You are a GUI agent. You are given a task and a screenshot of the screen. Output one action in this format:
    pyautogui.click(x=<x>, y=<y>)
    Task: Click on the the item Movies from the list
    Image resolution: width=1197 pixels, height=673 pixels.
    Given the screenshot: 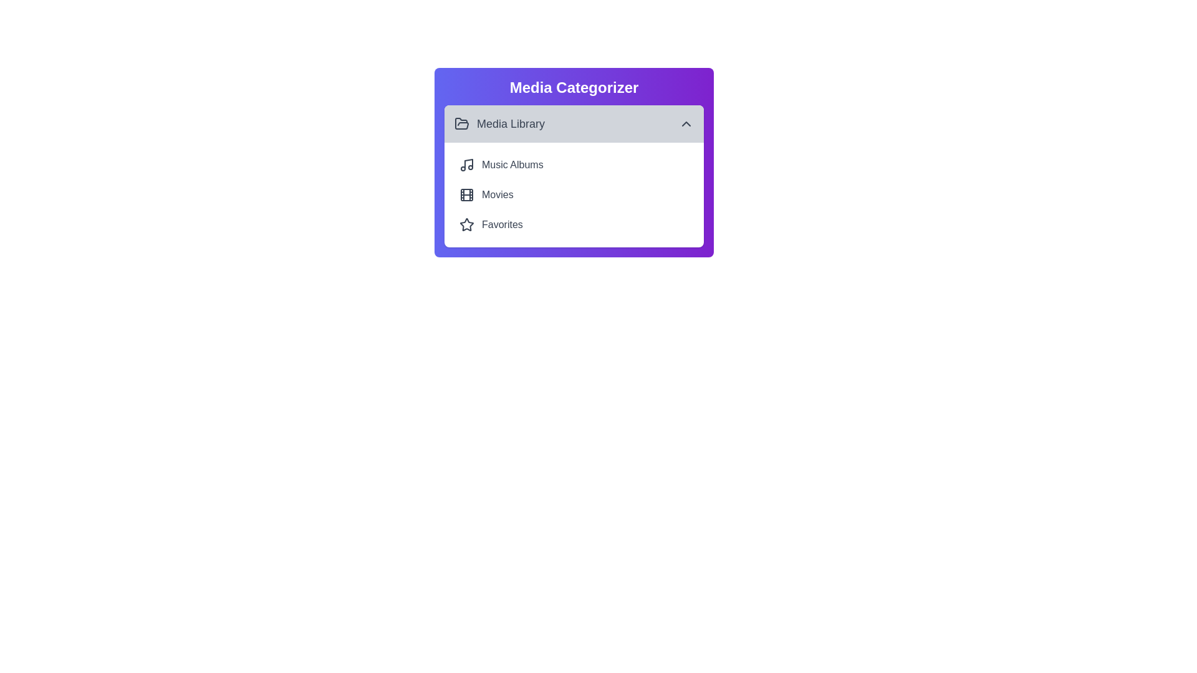 What is the action you would take?
    pyautogui.click(x=574, y=194)
    